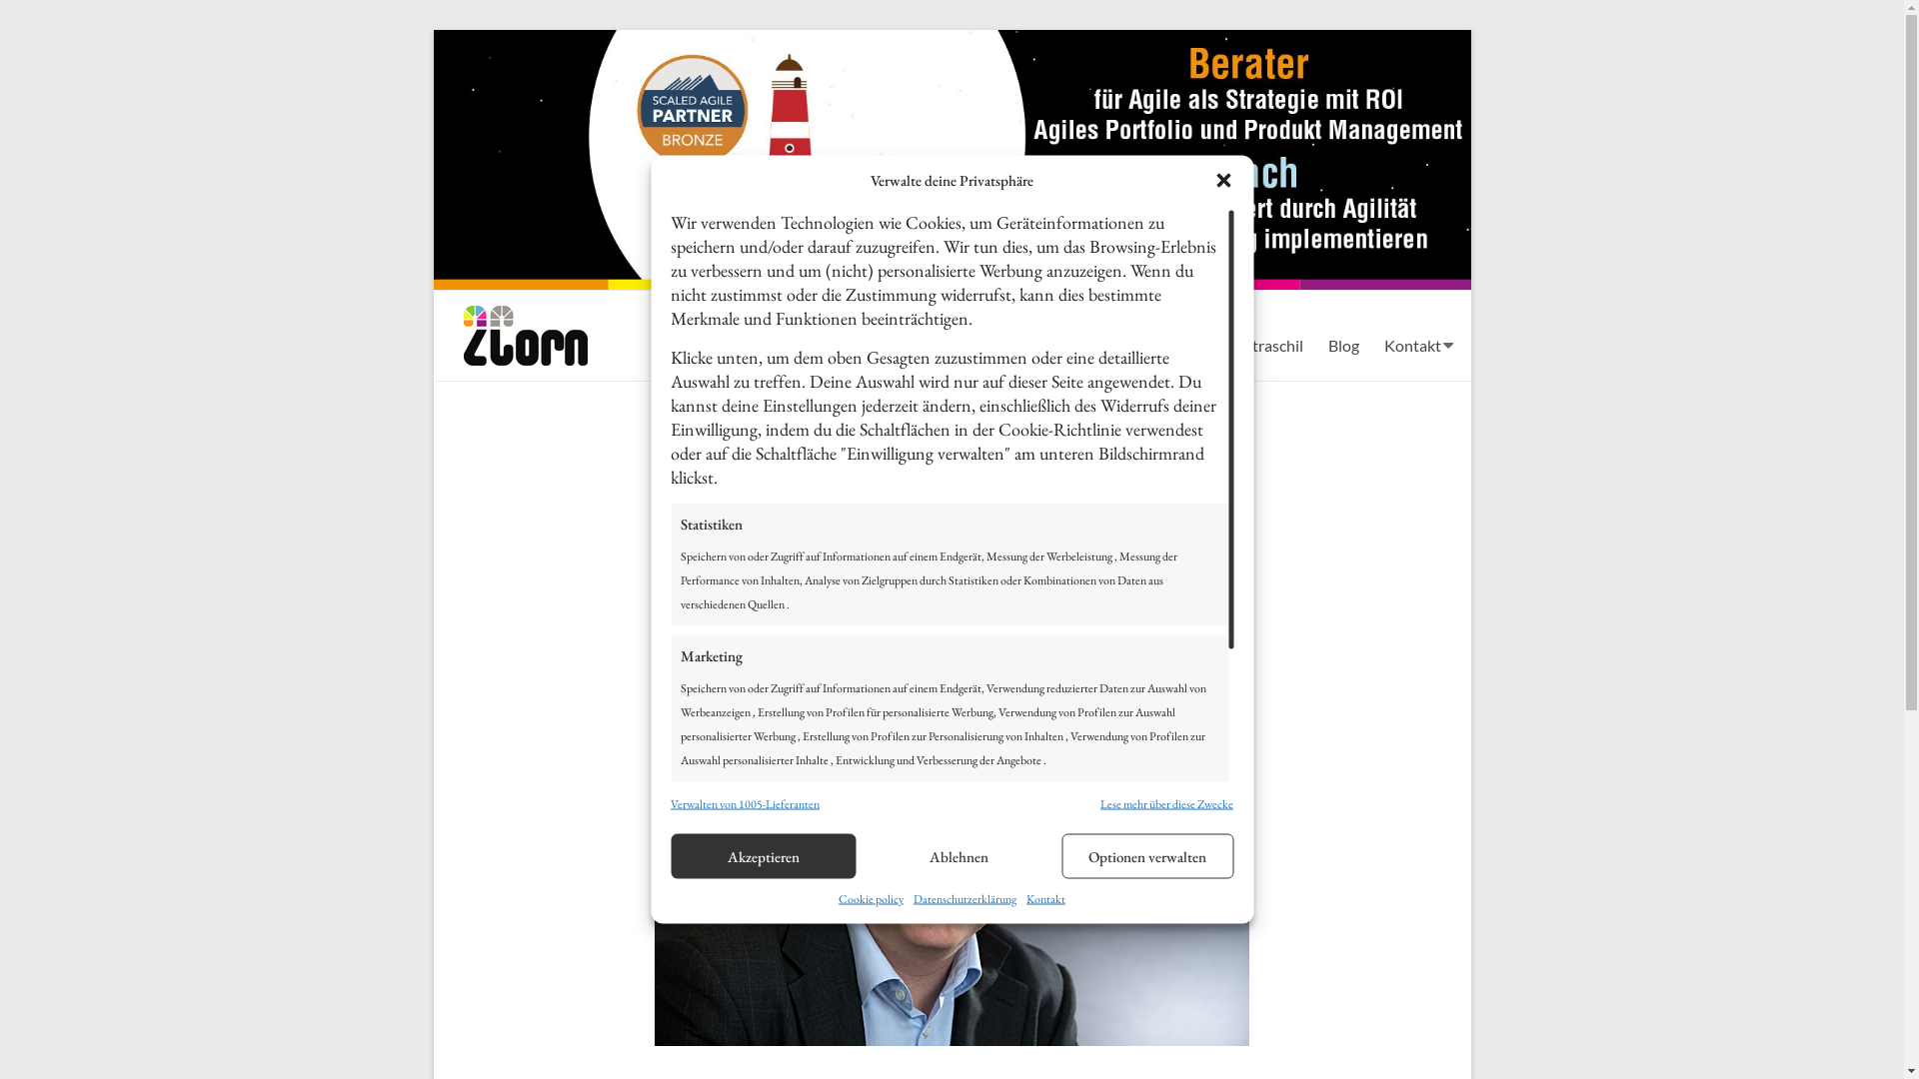  I want to click on 'Optionen verwalten', so click(1146, 854).